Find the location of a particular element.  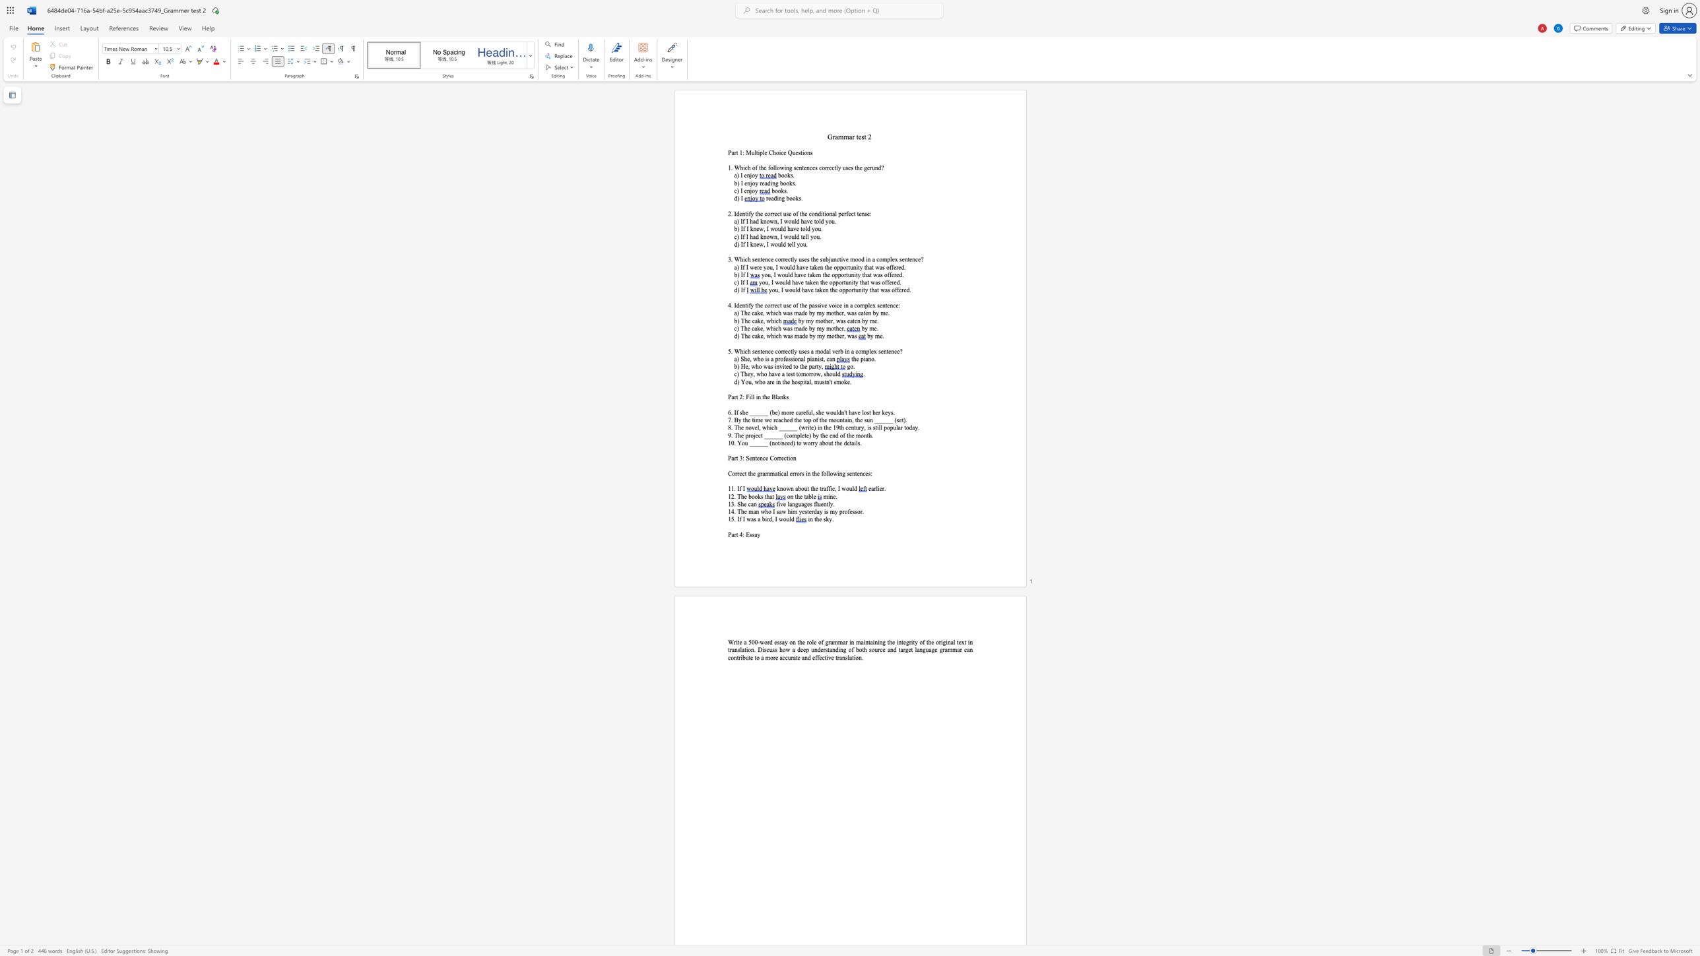

the space between the continuous character "4" and ":" in the text is located at coordinates (742, 534).